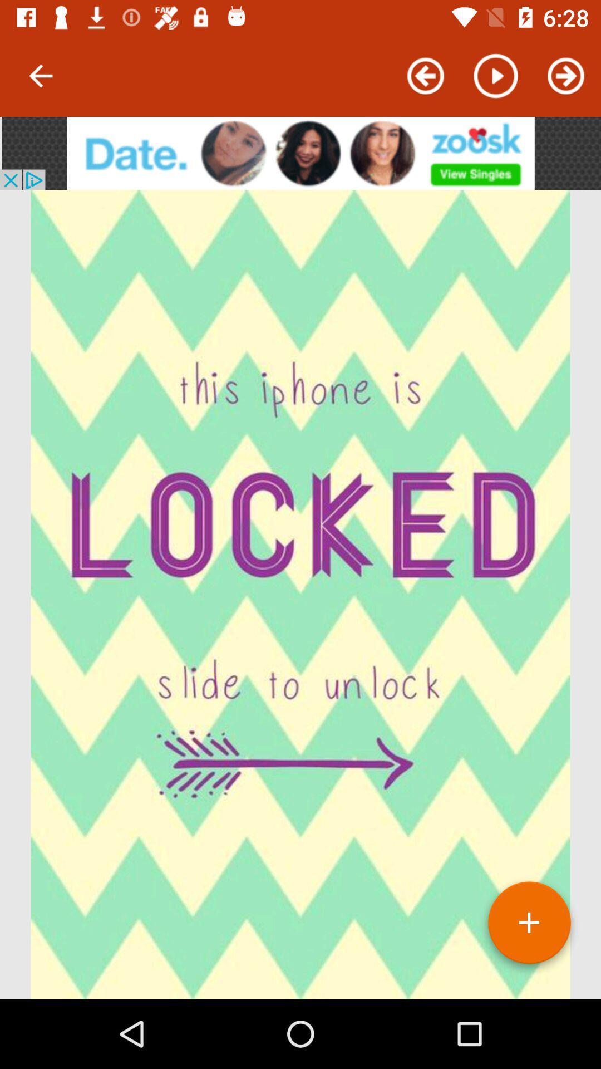 This screenshot has height=1069, width=601. I want to click on sponsored advertisement, so click(300, 153).